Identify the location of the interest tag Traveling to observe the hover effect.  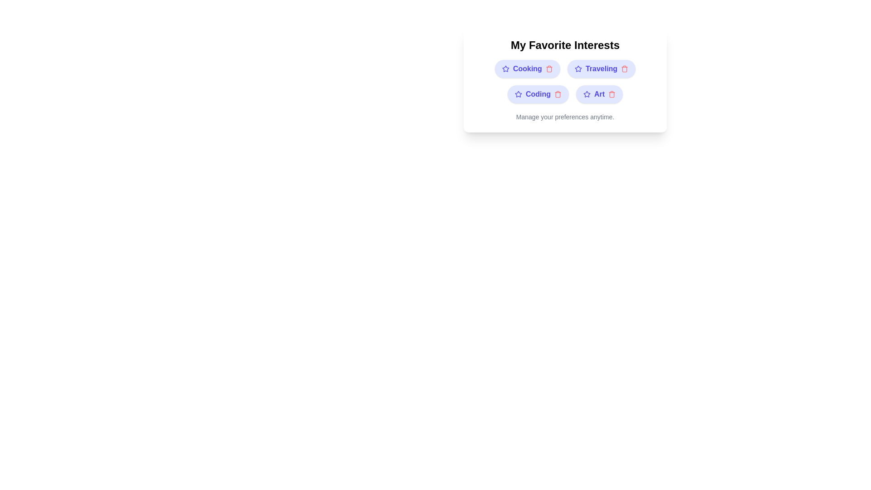
(601, 68).